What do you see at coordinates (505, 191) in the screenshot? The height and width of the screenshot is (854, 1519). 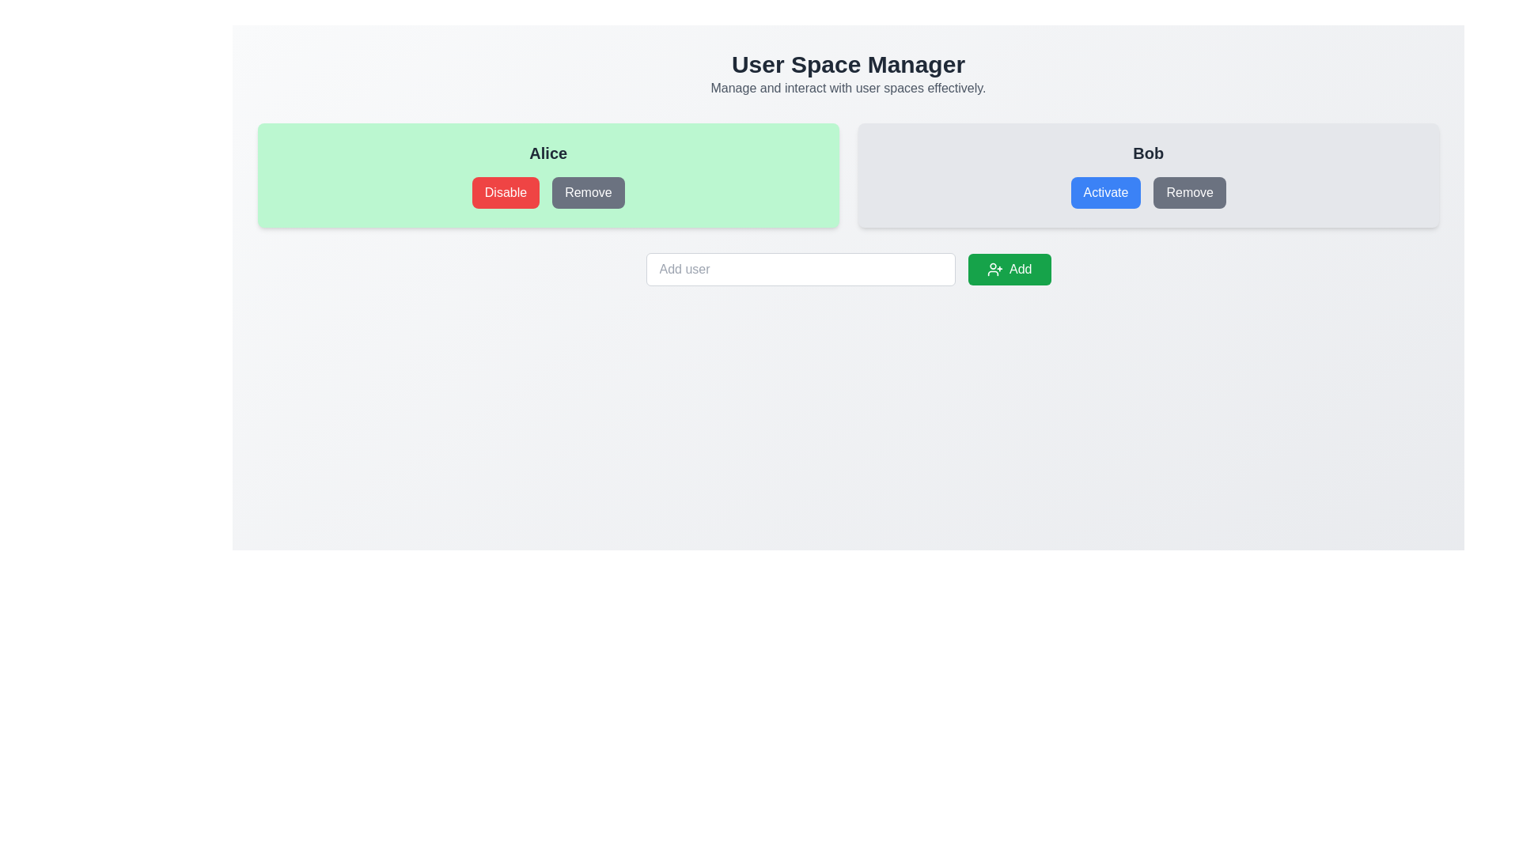 I see `the button that triggers the disabling action for user 'Alice', located immediately to the left of the grey 'Remove' button` at bounding box center [505, 191].